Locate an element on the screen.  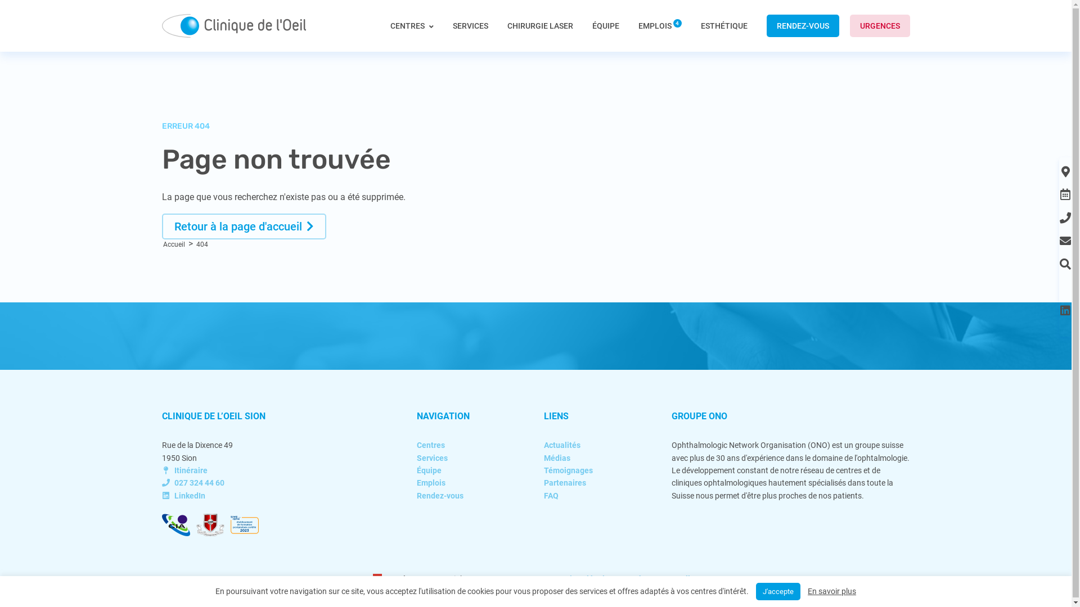
'LinkedIn' is located at coordinates (183, 495).